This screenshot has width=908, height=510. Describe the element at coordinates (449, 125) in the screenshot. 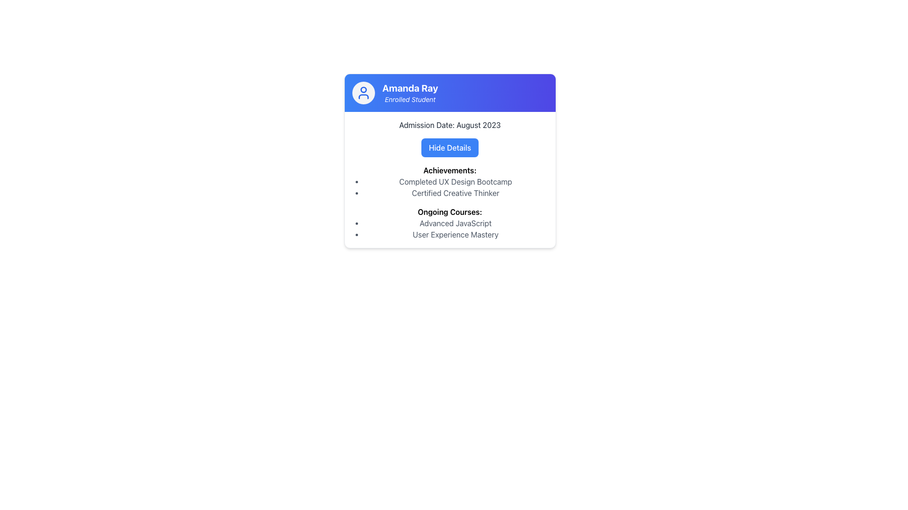

I see `the Static Text displaying the admission date, which is centrally aligned at the top-middle section of the card layout, above the 'Hide Details' button` at that location.